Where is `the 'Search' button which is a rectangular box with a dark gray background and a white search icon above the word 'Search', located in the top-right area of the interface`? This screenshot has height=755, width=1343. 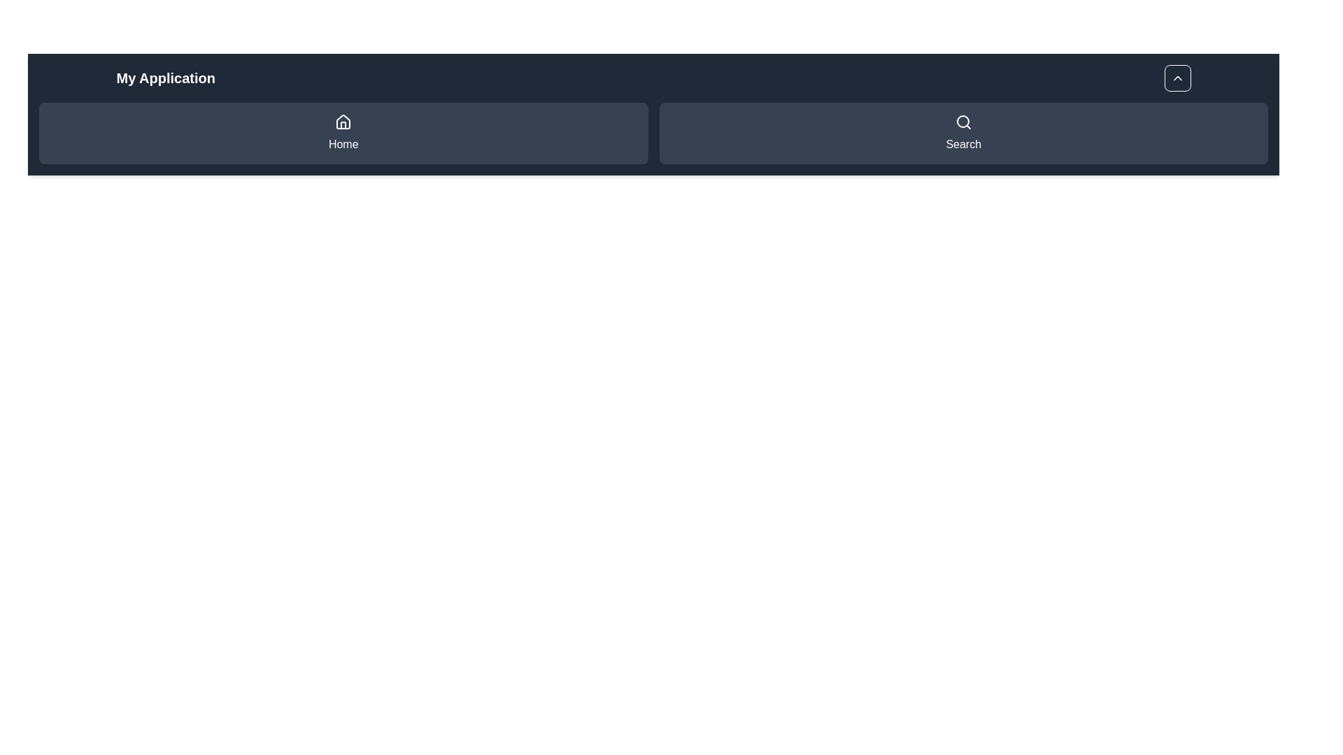 the 'Search' button which is a rectangular box with a dark gray background and a white search icon above the word 'Search', located in the top-right area of the interface is located at coordinates (962, 134).